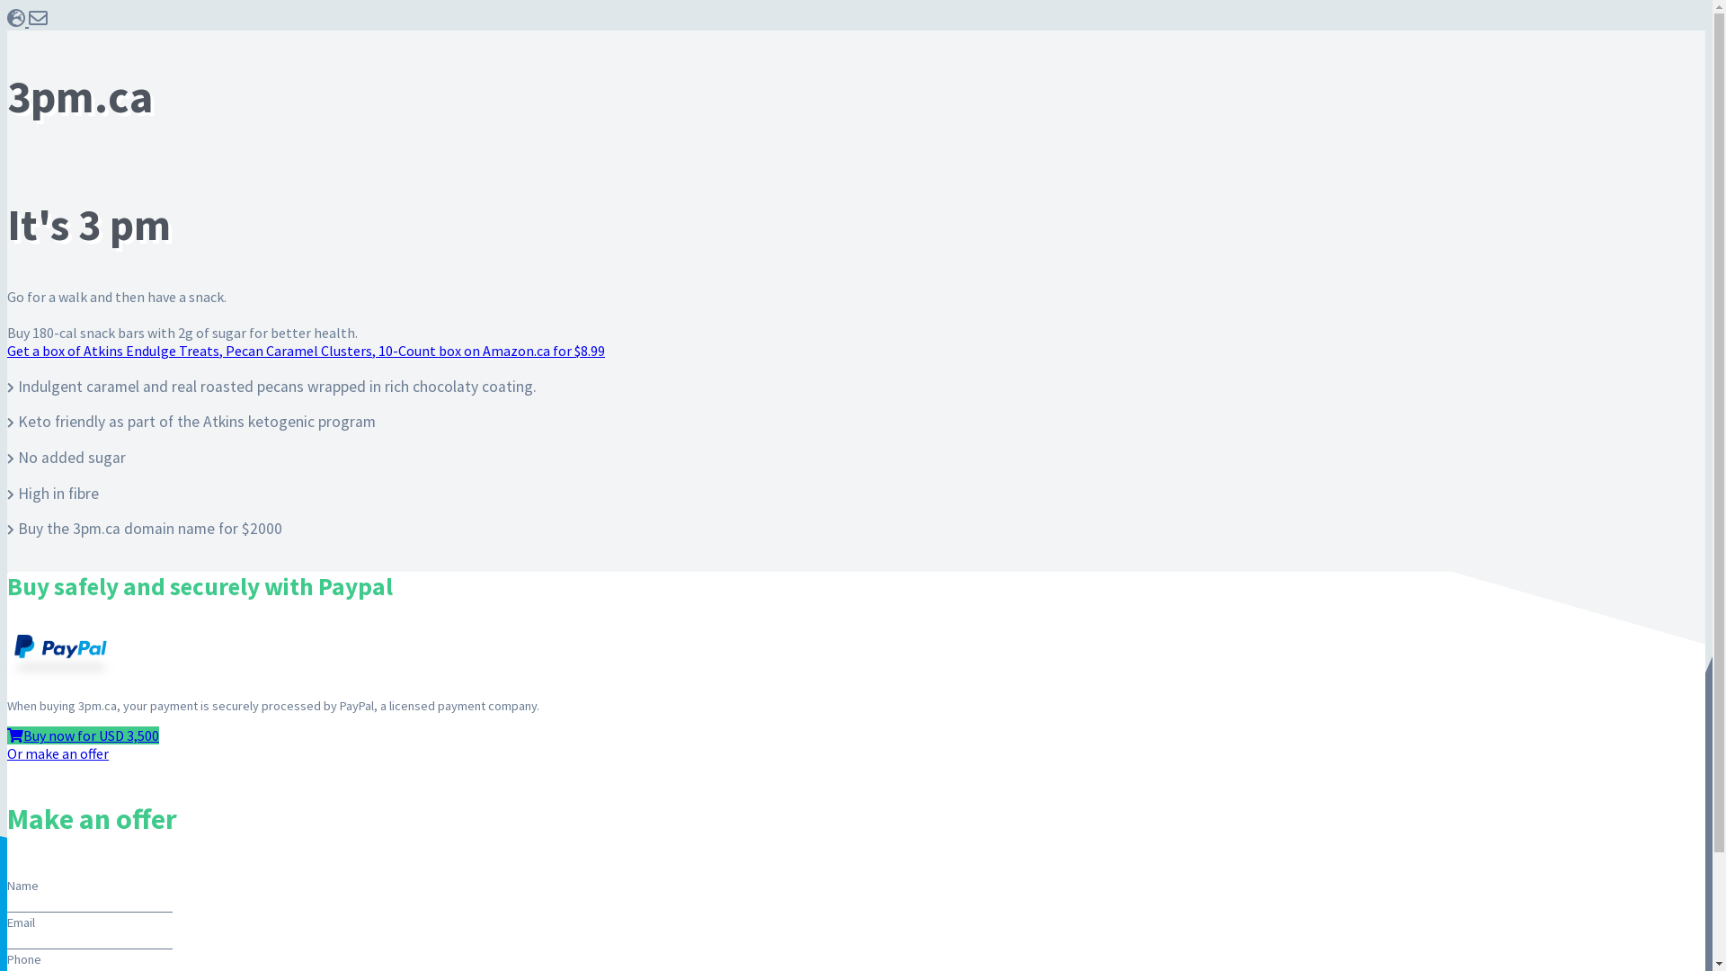 The width and height of the screenshot is (1726, 971). What do you see at coordinates (58, 753) in the screenshot?
I see `'Or make an offer'` at bounding box center [58, 753].